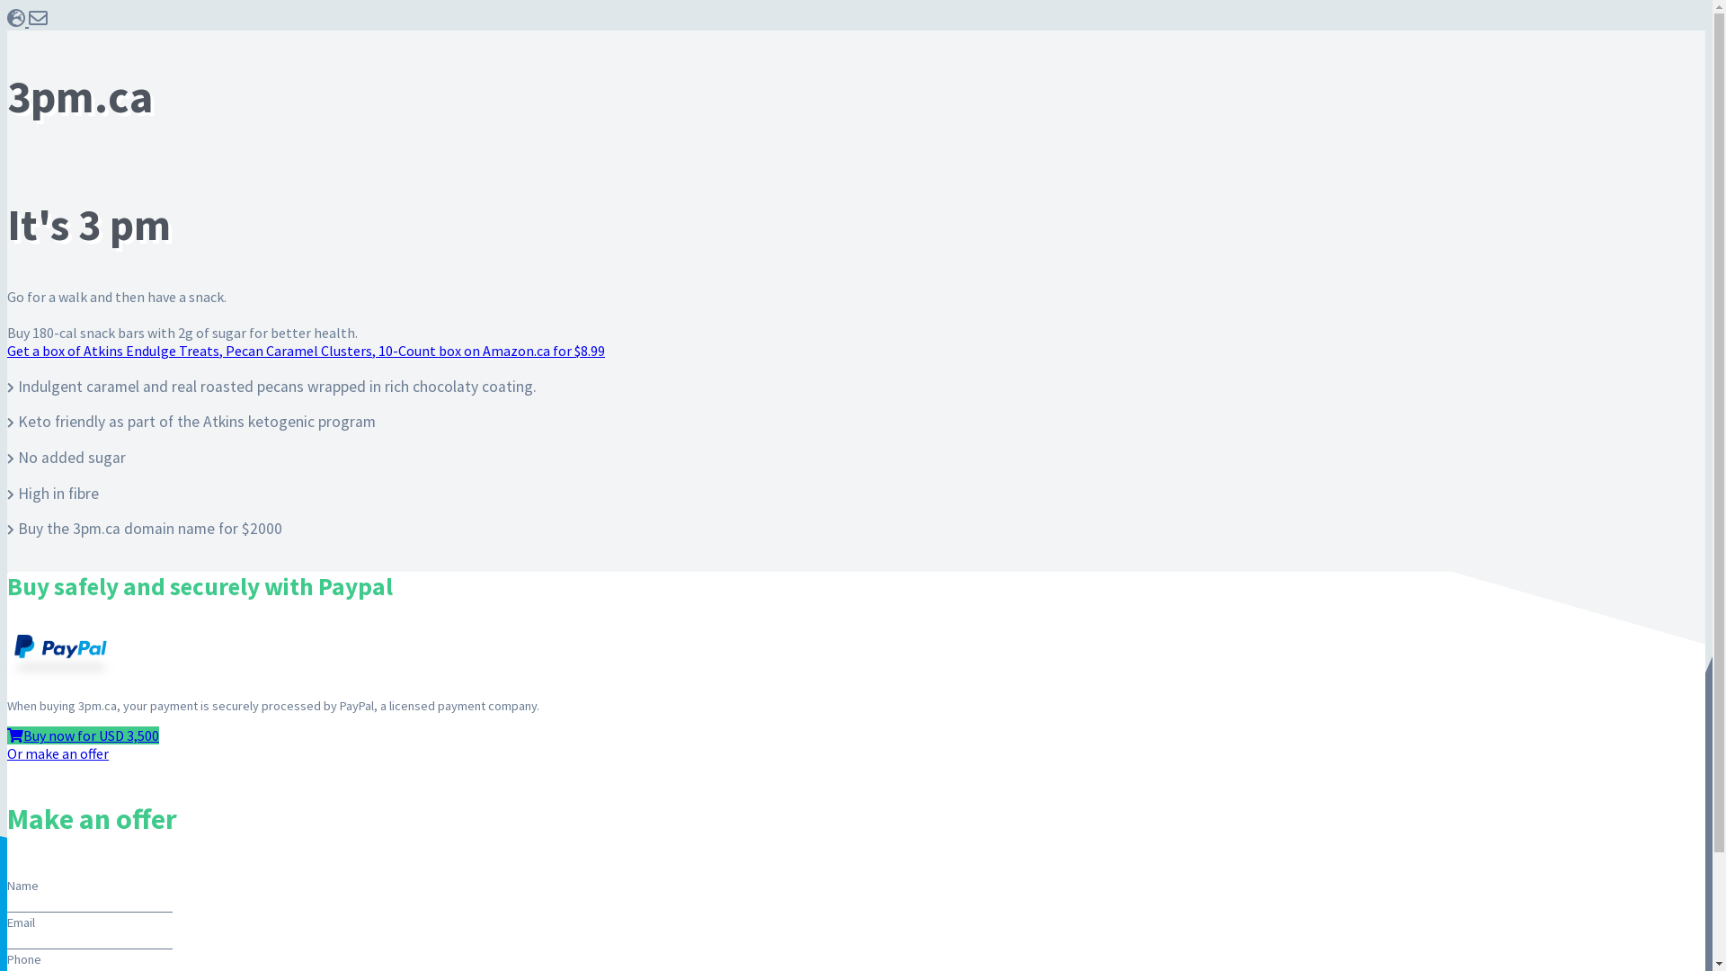 The width and height of the screenshot is (1726, 971). What do you see at coordinates (58, 753) in the screenshot?
I see `'Or make an offer'` at bounding box center [58, 753].